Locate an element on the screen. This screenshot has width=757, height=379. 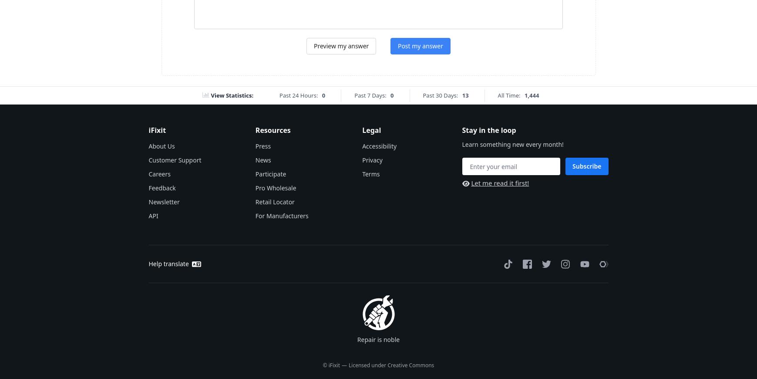
'All Time:' is located at coordinates (508, 95).